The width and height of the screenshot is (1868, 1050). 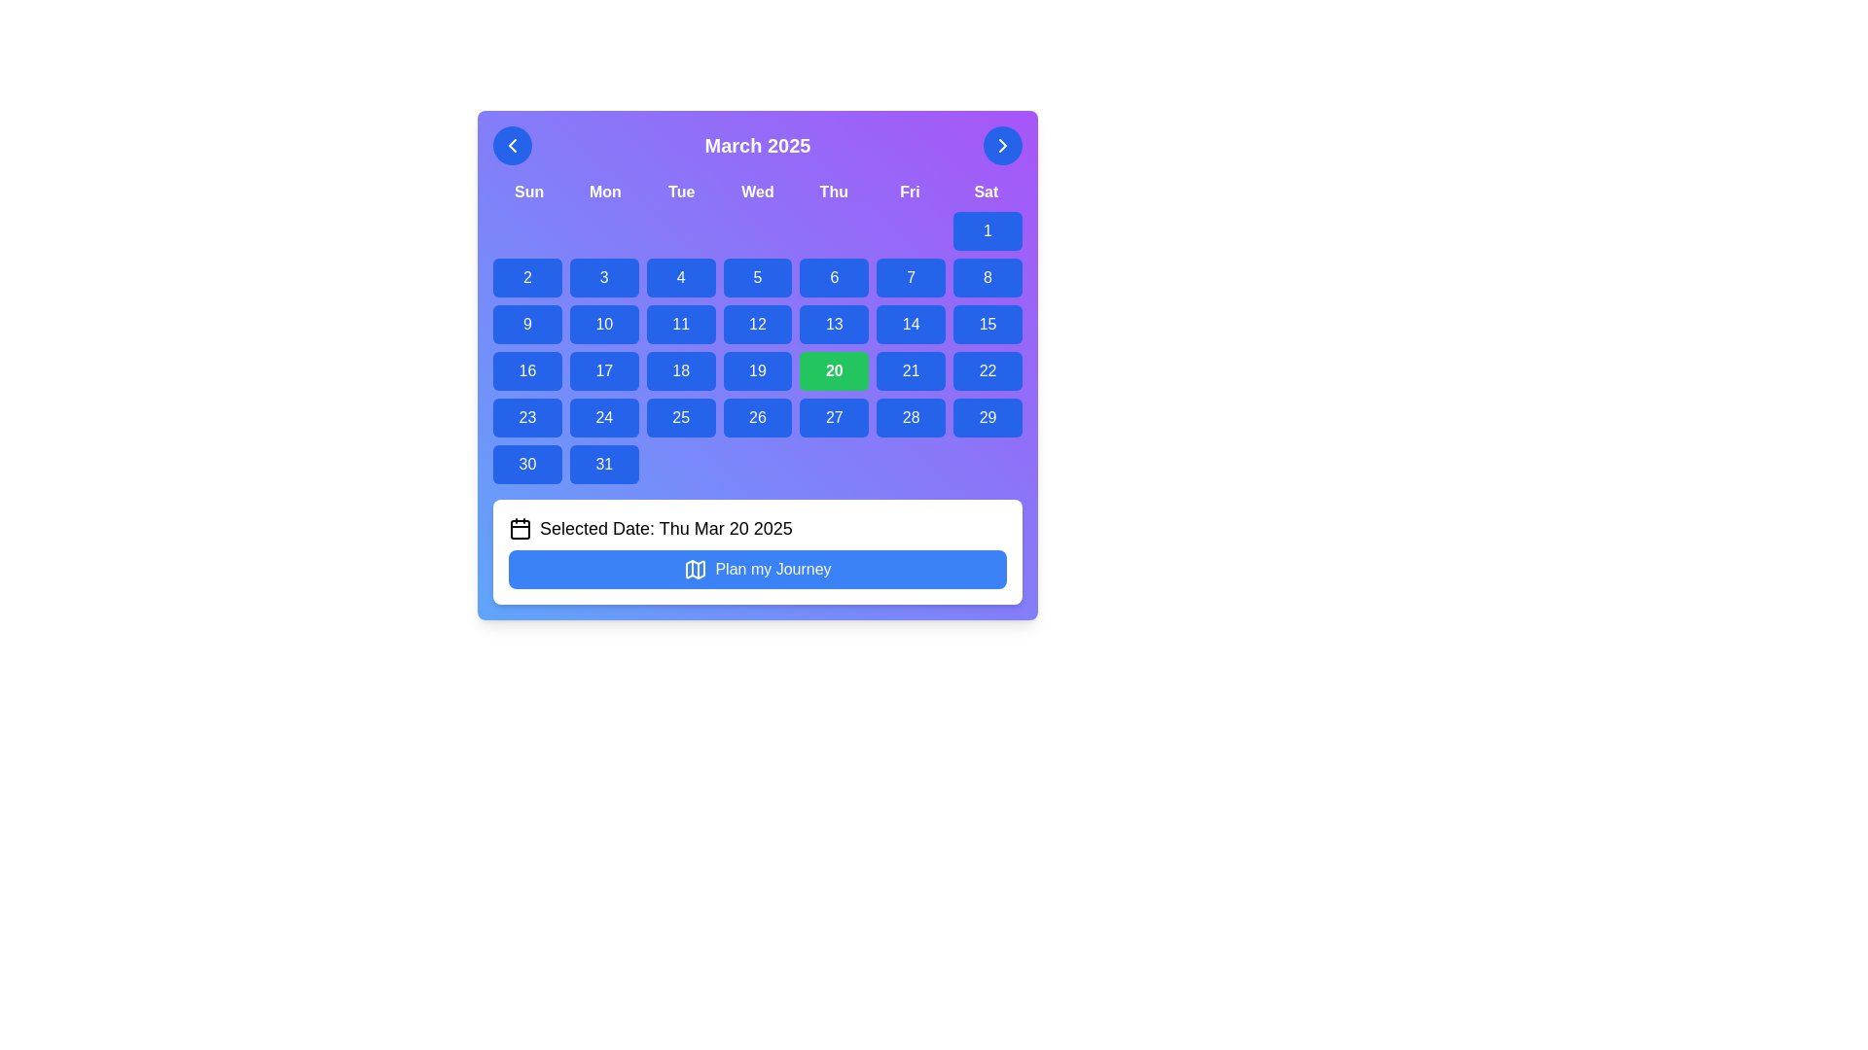 What do you see at coordinates (527, 324) in the screenshot?
I see `the button that allows users` at bounding box center [527, 324].